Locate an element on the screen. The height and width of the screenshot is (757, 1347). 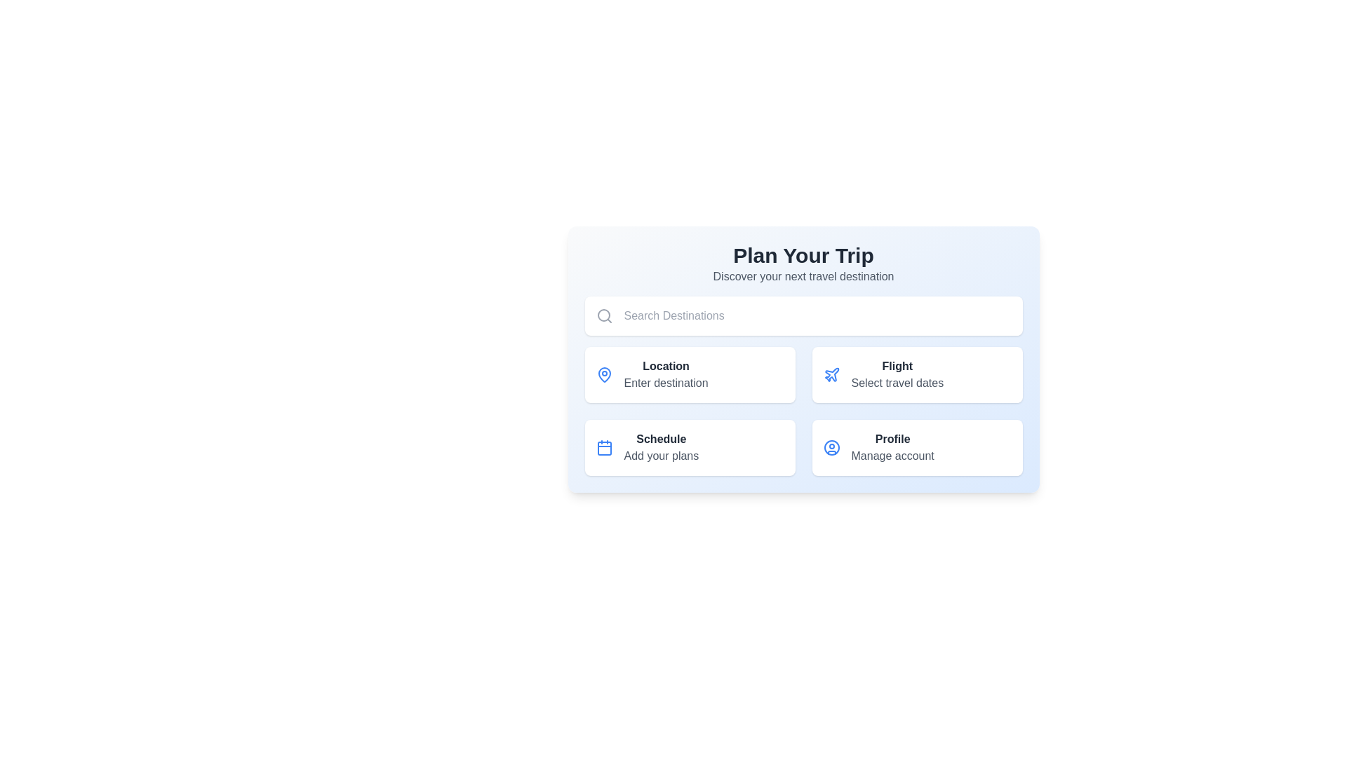
the search icon located at the left-hand side of the search input field labeled 'Search Destinations' is located at coordinates (604, 316).